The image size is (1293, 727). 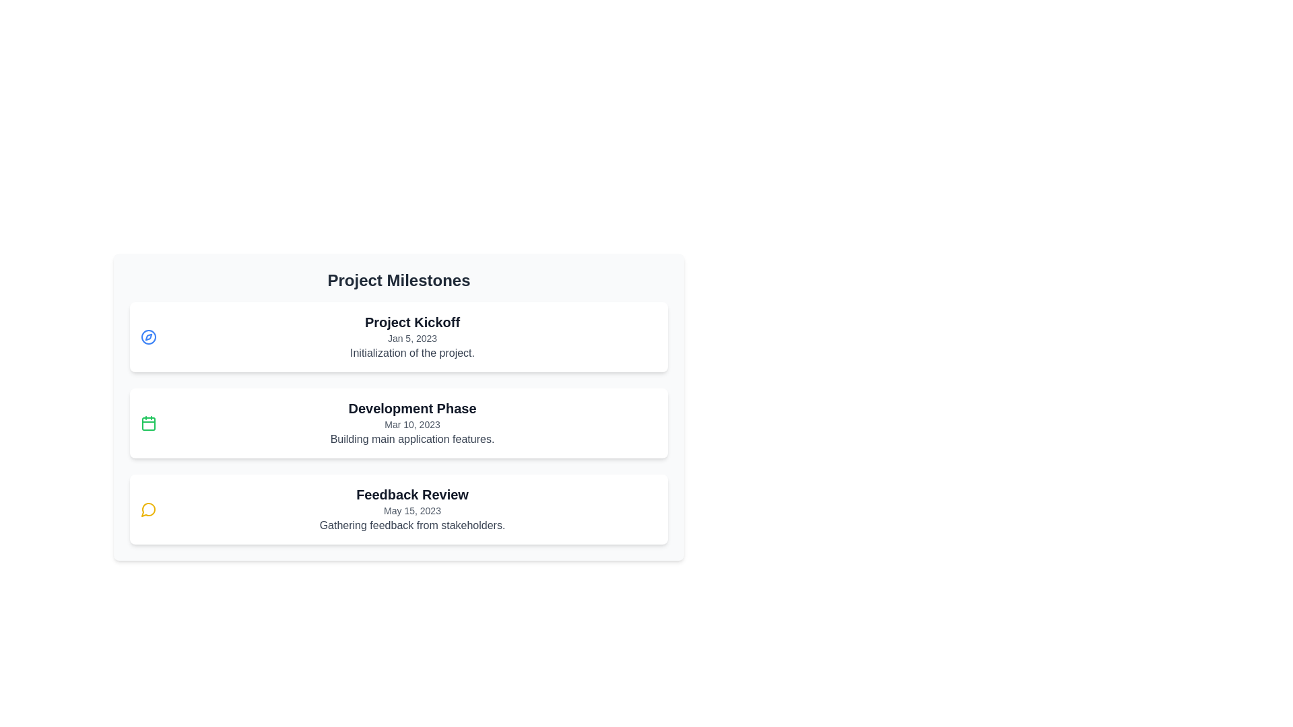 What do you see at coordinates (411, 337) in the screenshot?
I see `the text block titled 'Project Kickoff' to focus on it` at bounding box center [411, 337].